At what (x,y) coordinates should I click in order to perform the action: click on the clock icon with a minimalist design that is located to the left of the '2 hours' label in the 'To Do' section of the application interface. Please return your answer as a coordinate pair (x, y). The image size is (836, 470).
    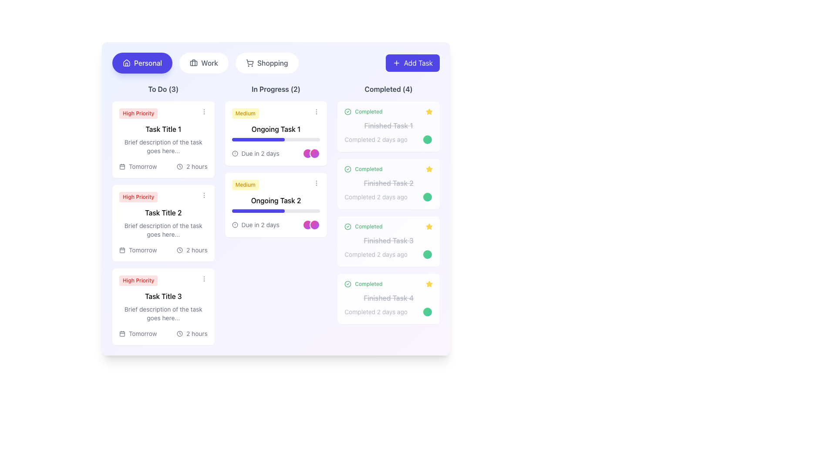
    Looking at the image, I should click on (179, 333).